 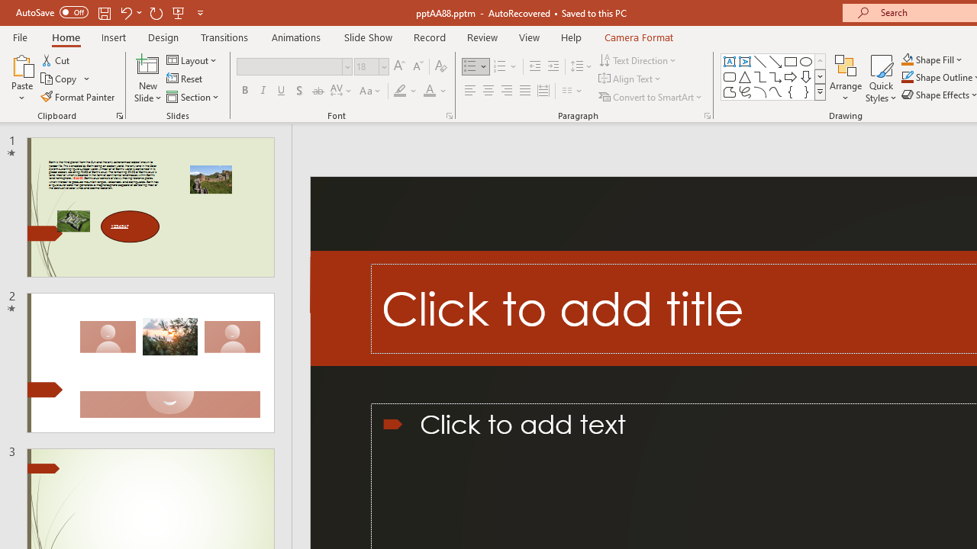 What do you see at coordinates (488, 91) in the screenshot?
I see `'Center'` at bounding box center [488, 91].